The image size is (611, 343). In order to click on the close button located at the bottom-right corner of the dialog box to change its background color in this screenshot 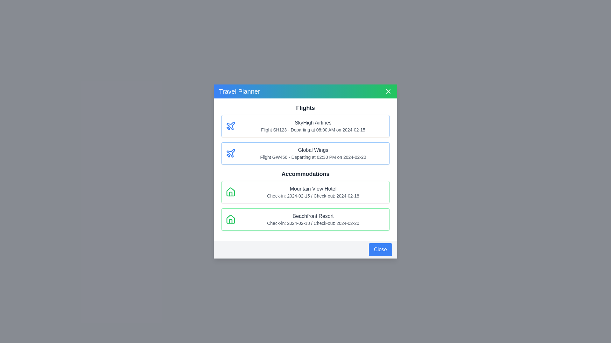, I will do `click(380, 249)`.